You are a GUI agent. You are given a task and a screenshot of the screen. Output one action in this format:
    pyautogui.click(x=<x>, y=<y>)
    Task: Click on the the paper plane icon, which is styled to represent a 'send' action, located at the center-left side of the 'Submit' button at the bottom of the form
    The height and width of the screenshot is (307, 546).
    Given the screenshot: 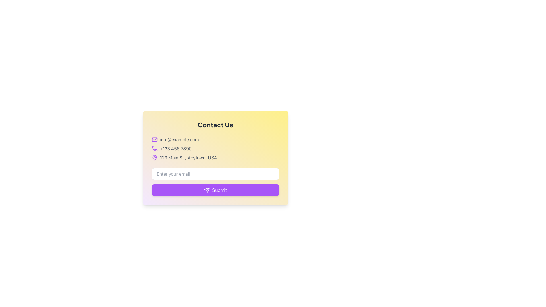 What is the action you would take?
    pyautogui.click(x=207, y=190)
    